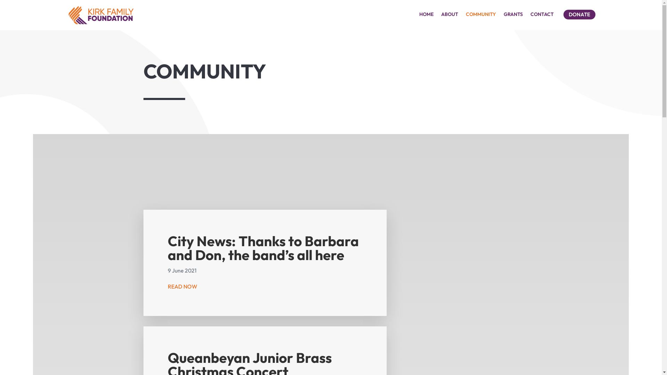 Image resolution: width=667 pixels, height=375 pixels. What do you see at coordinates (419, 16) in the screenshot?
I see `'HOME'` at bounding box center [419, 16].